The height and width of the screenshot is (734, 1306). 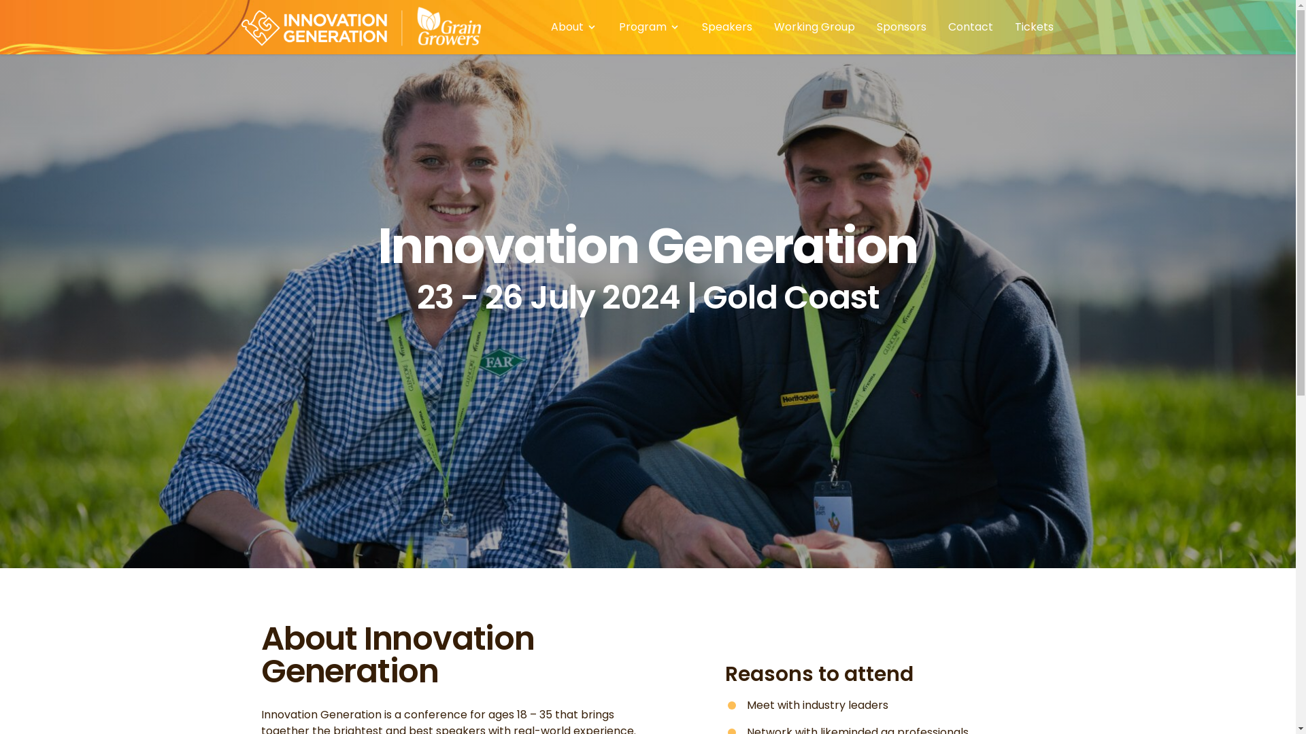 What do you see at coordinates (814, 27) in the screenshot?
I see `'Working Group'` at bounding box center [814, 27].